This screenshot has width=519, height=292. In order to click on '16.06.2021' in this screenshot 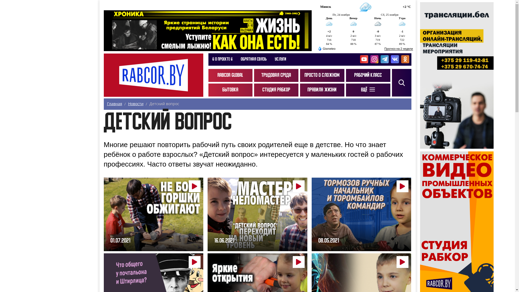, I will do `click(257, 214)`.